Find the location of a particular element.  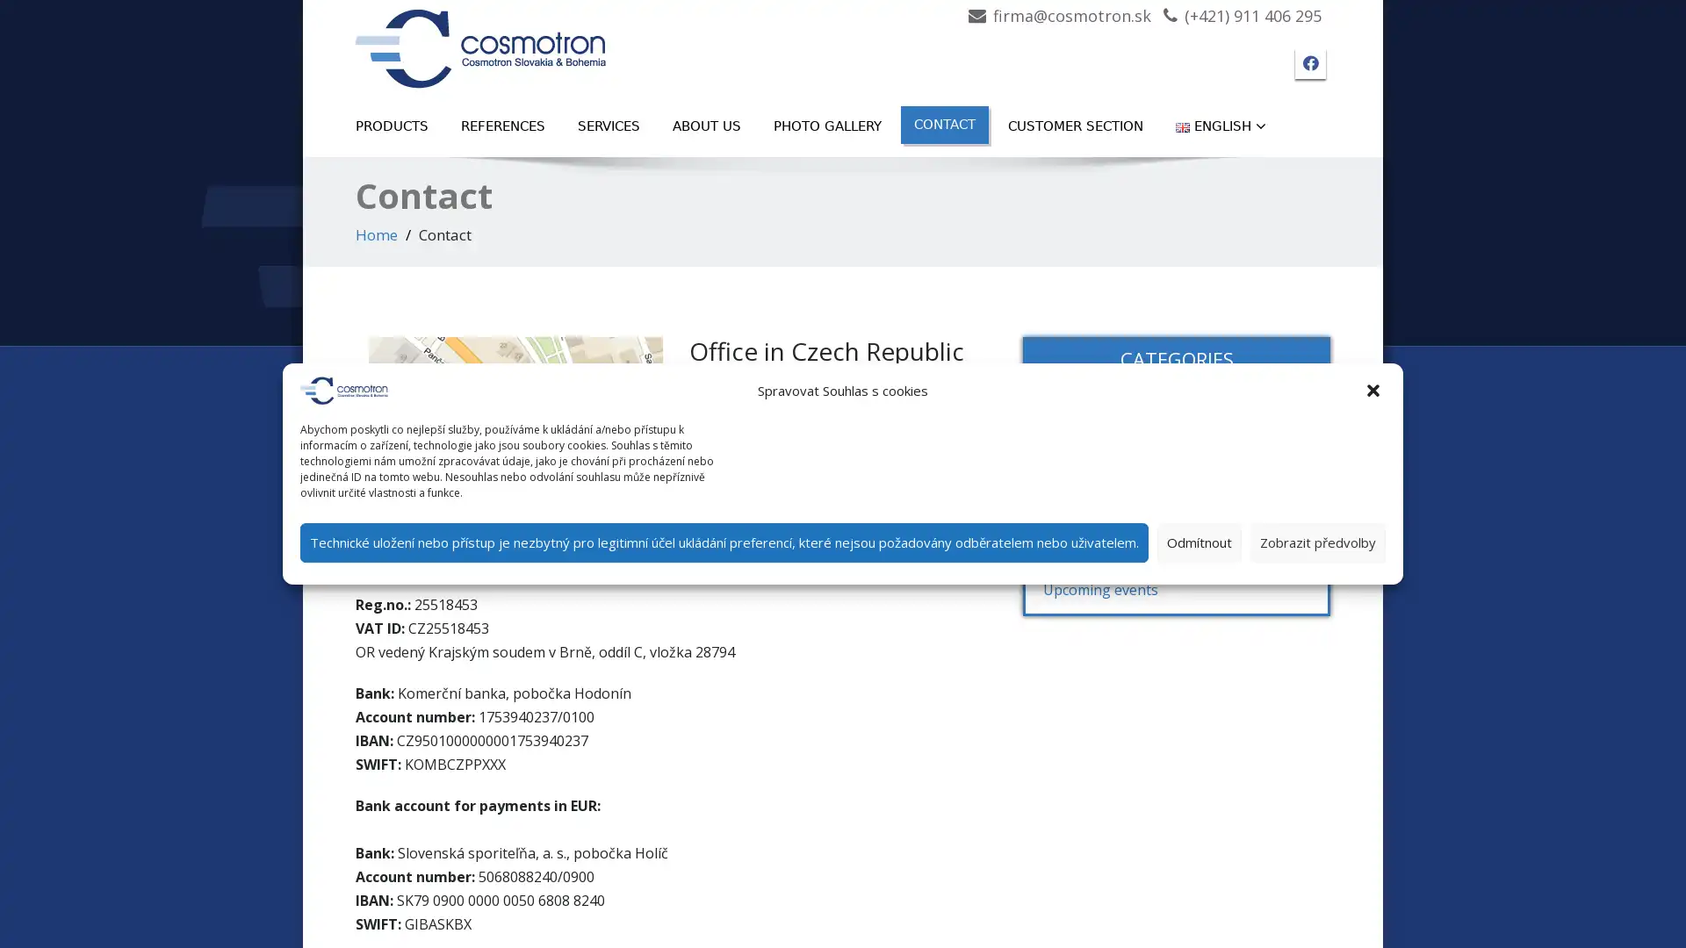

Technicke ulozeni nebo pristup je nezbytny pro legitimni ucel ukladani preferenci, ktere nejsou pozadovany odberatelem nebo uzivatelem. is located at coordinates (724, 541).